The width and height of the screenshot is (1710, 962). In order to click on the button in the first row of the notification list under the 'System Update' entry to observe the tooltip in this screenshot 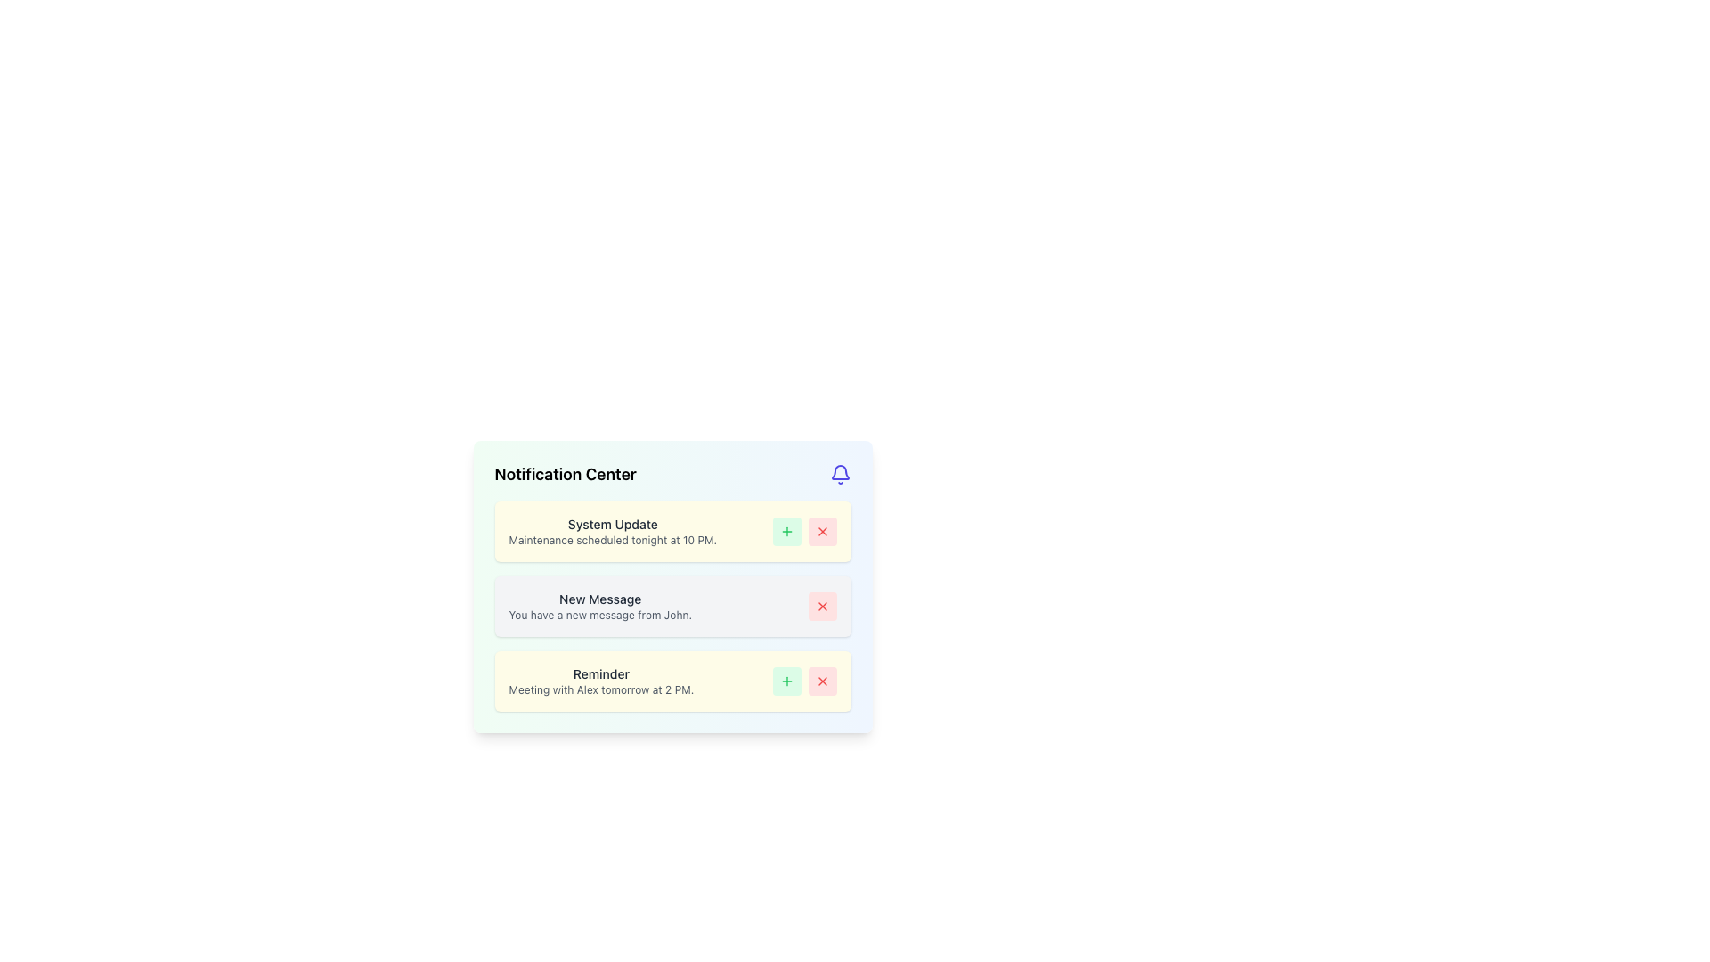, I will do `click(786, 531)`.